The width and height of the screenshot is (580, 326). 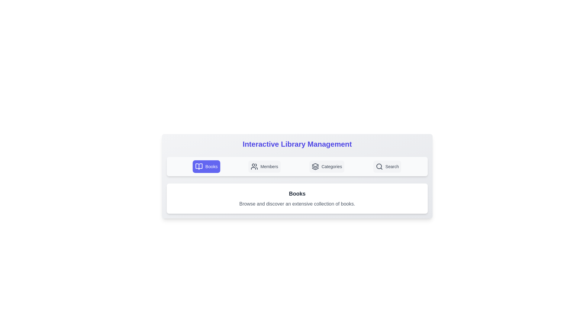 I want to click on the third navigation button in the horizontal navigation bar, so click(x=327, y=166).